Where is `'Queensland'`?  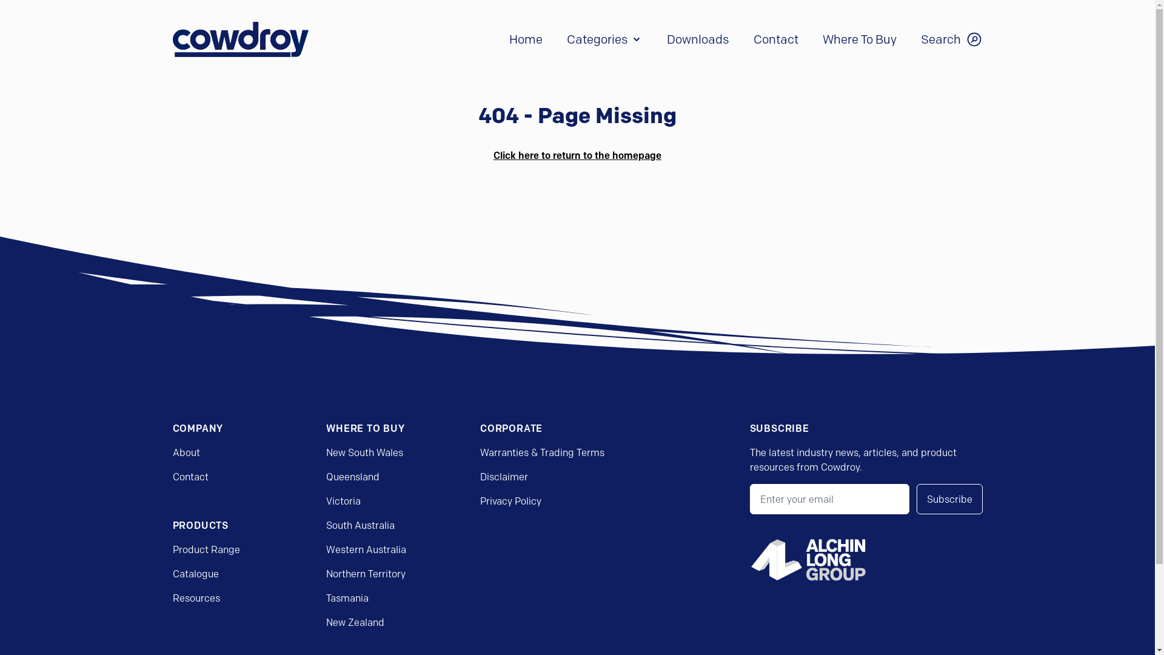 'Queensland' is located at coordinates (352, 476).